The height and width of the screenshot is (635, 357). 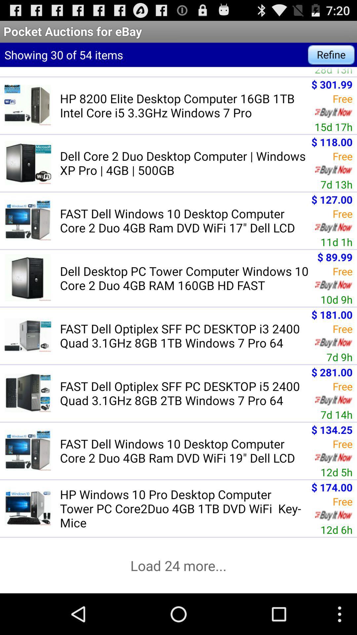 I want to click on 7d 9h app, so click(x=339, y=357).